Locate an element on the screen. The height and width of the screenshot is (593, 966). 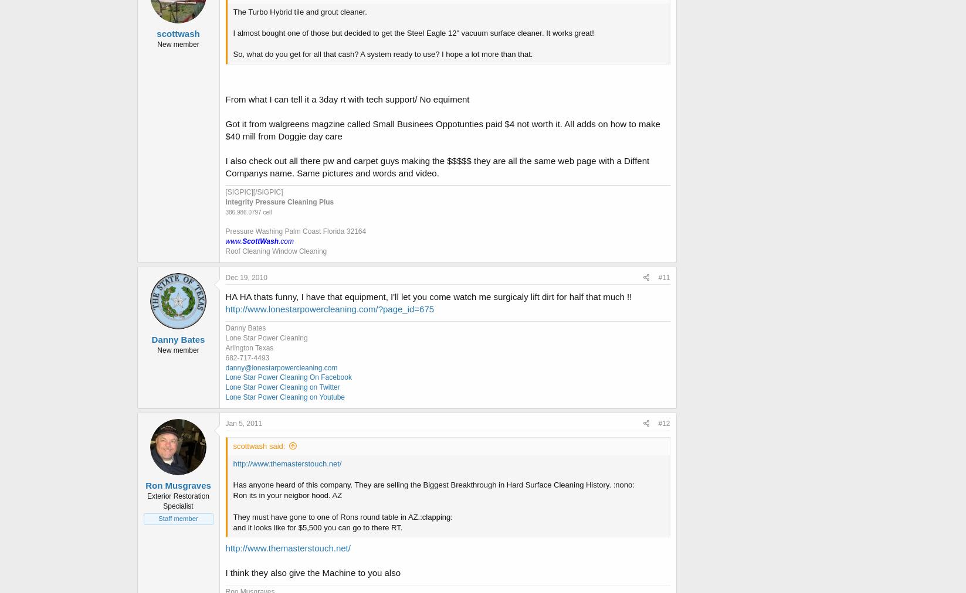
'Got it from walgreens magzine called Small Businees Oppotunties paid $4 not worth it. All adds on how to make $40 mill from Doggie day care' is located at coordinates (442, 130).